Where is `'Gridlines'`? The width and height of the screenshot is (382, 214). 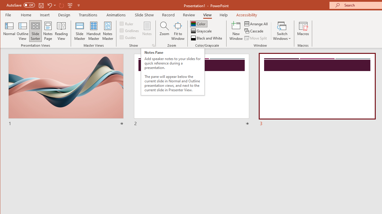 'Gridlines' is located at coordinates (130, 30).